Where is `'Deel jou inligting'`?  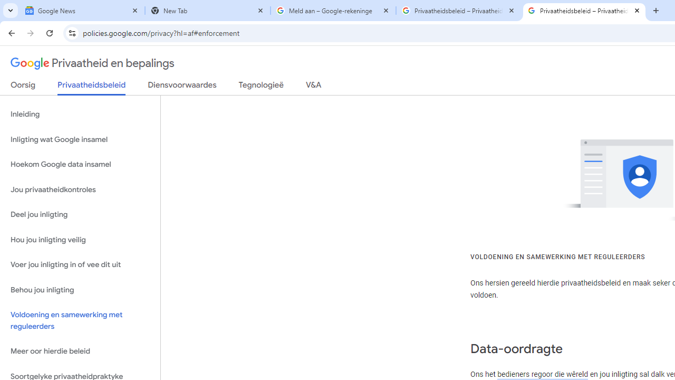
'Deel jou inligting' is located at coordinates (80, 214).